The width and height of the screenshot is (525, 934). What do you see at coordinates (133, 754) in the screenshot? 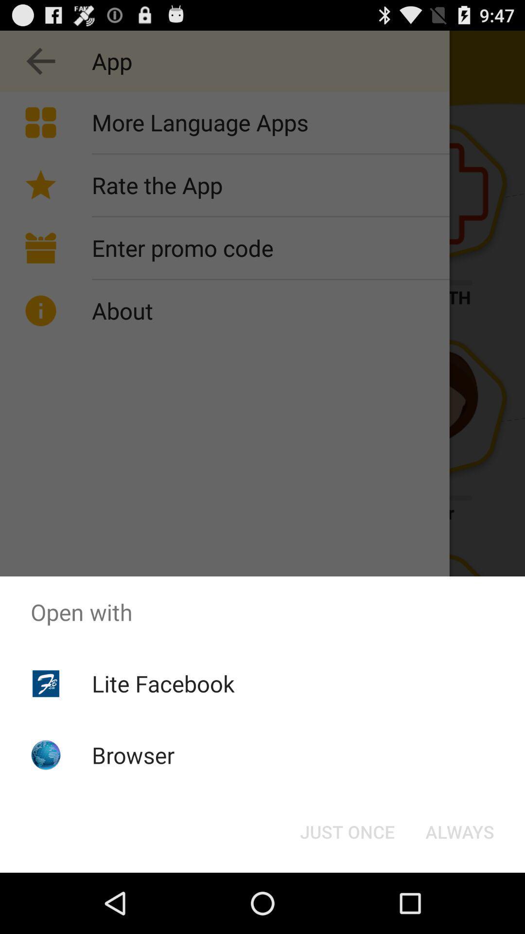
I see `icon below the lite facebook icon` at bounding box center [133, 754].